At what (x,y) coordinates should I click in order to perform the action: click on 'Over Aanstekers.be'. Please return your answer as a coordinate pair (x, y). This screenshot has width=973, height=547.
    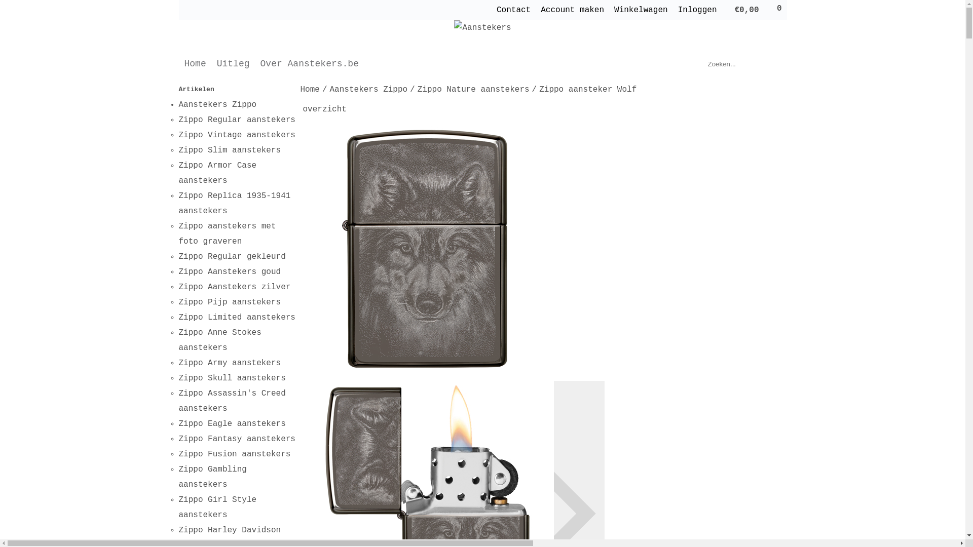
    Looking at the image, I should click on (309, 64).